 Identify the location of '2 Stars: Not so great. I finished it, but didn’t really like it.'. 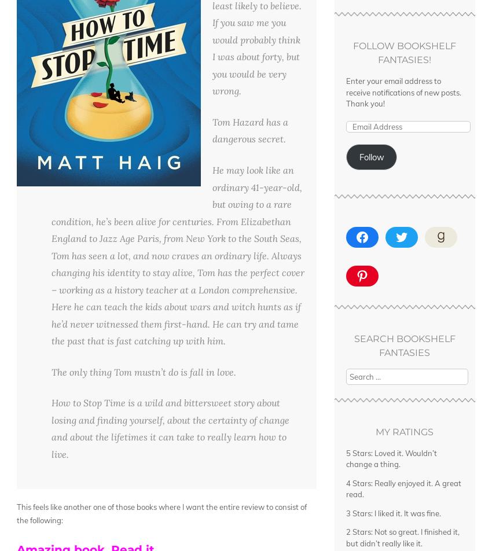
(402, 537).